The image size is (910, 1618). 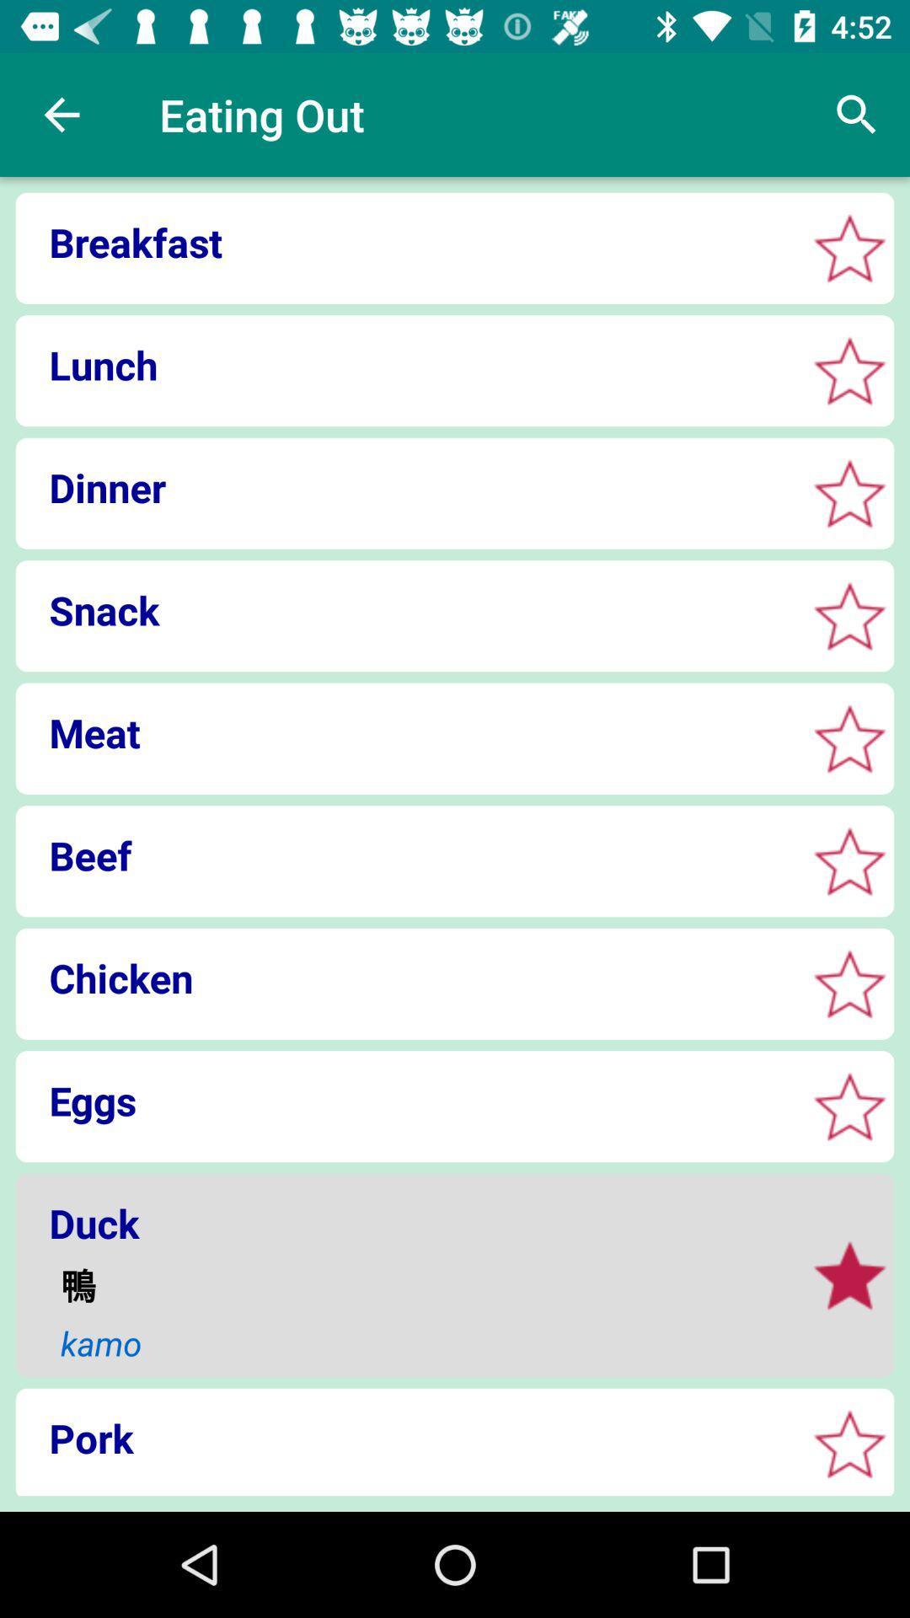 What do you see at coordinates (849, 1275) in the screenshot?
I see `order it` at bounding box center [849, 1275].